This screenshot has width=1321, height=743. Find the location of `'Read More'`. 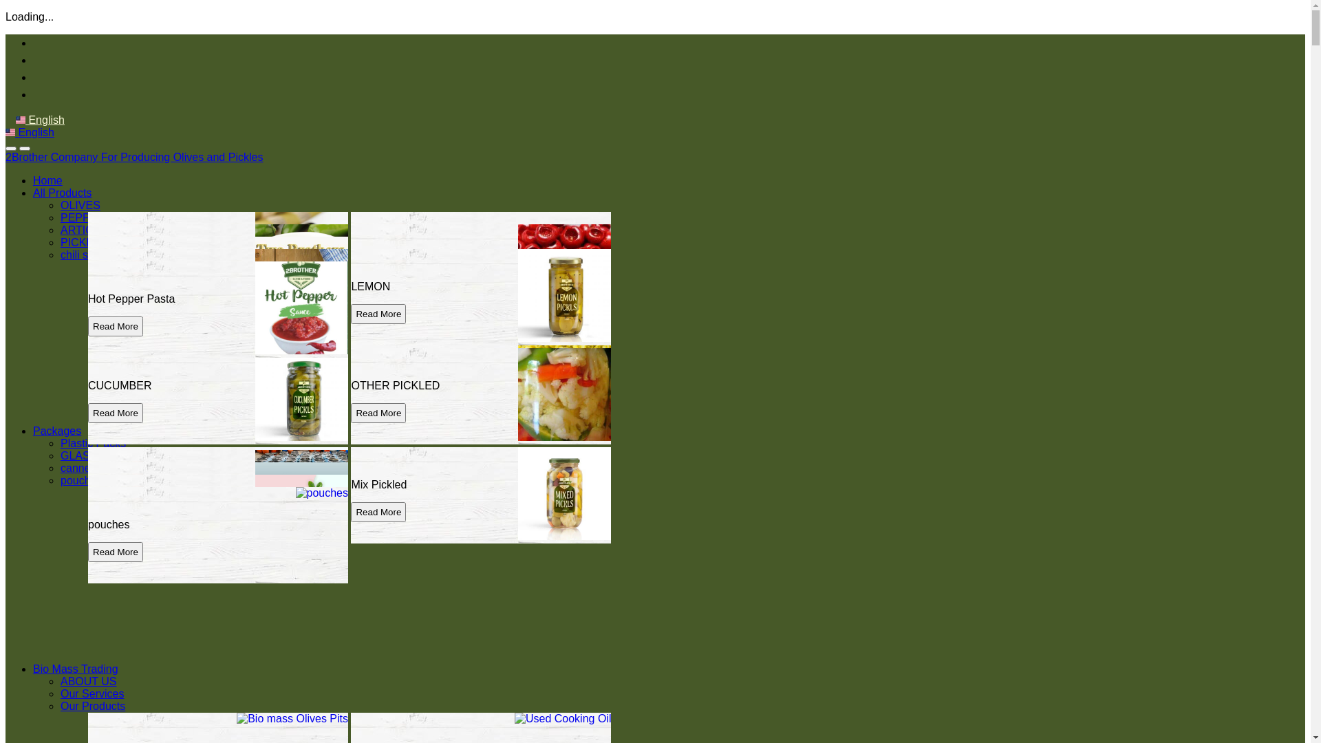

'Read More' is located at coordinates (87, 301).